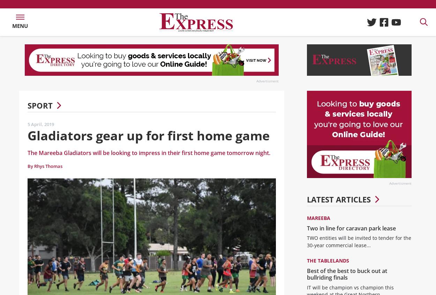  Describe the element at coordinates (12, 28) in the screenshot. I see `'Menu'` at that location.